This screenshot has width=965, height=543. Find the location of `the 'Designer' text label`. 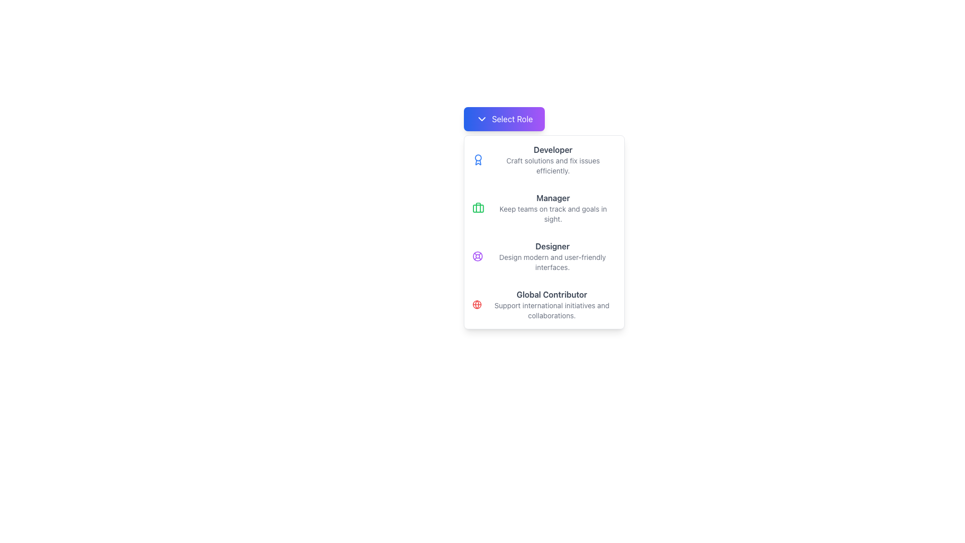

the 'Designer' text label is located at coordinates (552, 255).